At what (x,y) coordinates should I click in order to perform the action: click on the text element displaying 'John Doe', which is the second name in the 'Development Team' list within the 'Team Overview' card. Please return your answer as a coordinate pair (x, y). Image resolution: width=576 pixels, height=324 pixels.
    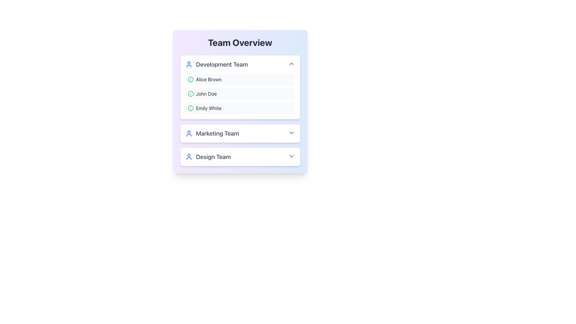
    Looking at the image, I should click on (206, 94).